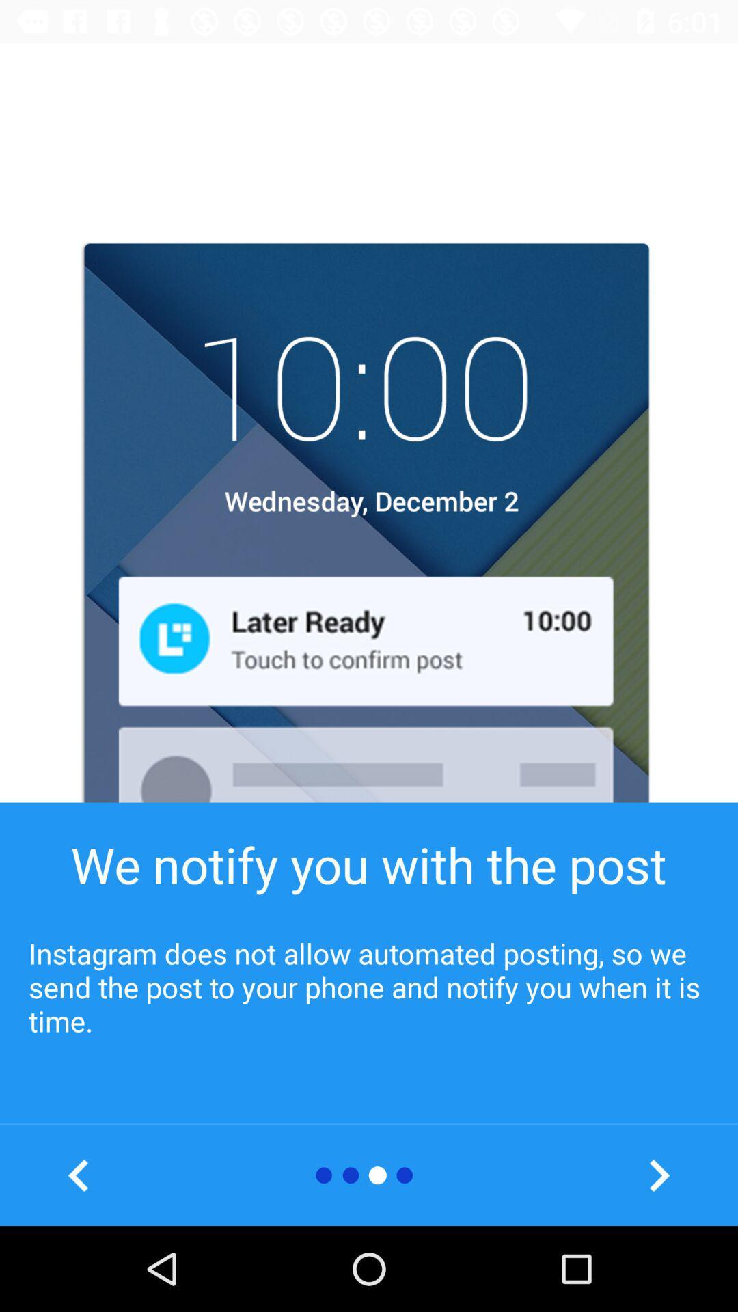 This screenshot has width=738, height=1312. Describe the element at coordinates (658, 1175) in the screenshot. I see `next screen` at that location.